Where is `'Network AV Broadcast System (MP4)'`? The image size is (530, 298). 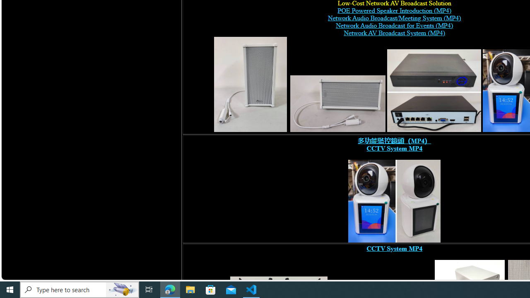 'Network AV Broadcast System (MP4)' is located at coordinates (394, 33).